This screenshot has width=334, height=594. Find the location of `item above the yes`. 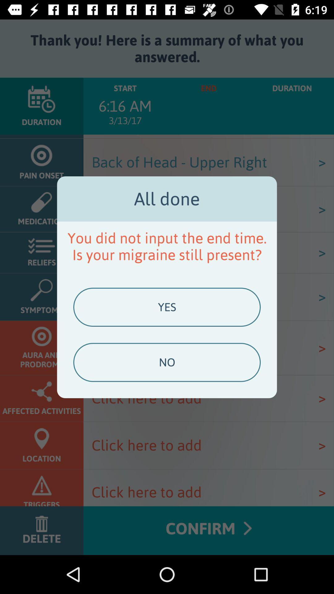

item above the yes is located at coordinates (167, 246).